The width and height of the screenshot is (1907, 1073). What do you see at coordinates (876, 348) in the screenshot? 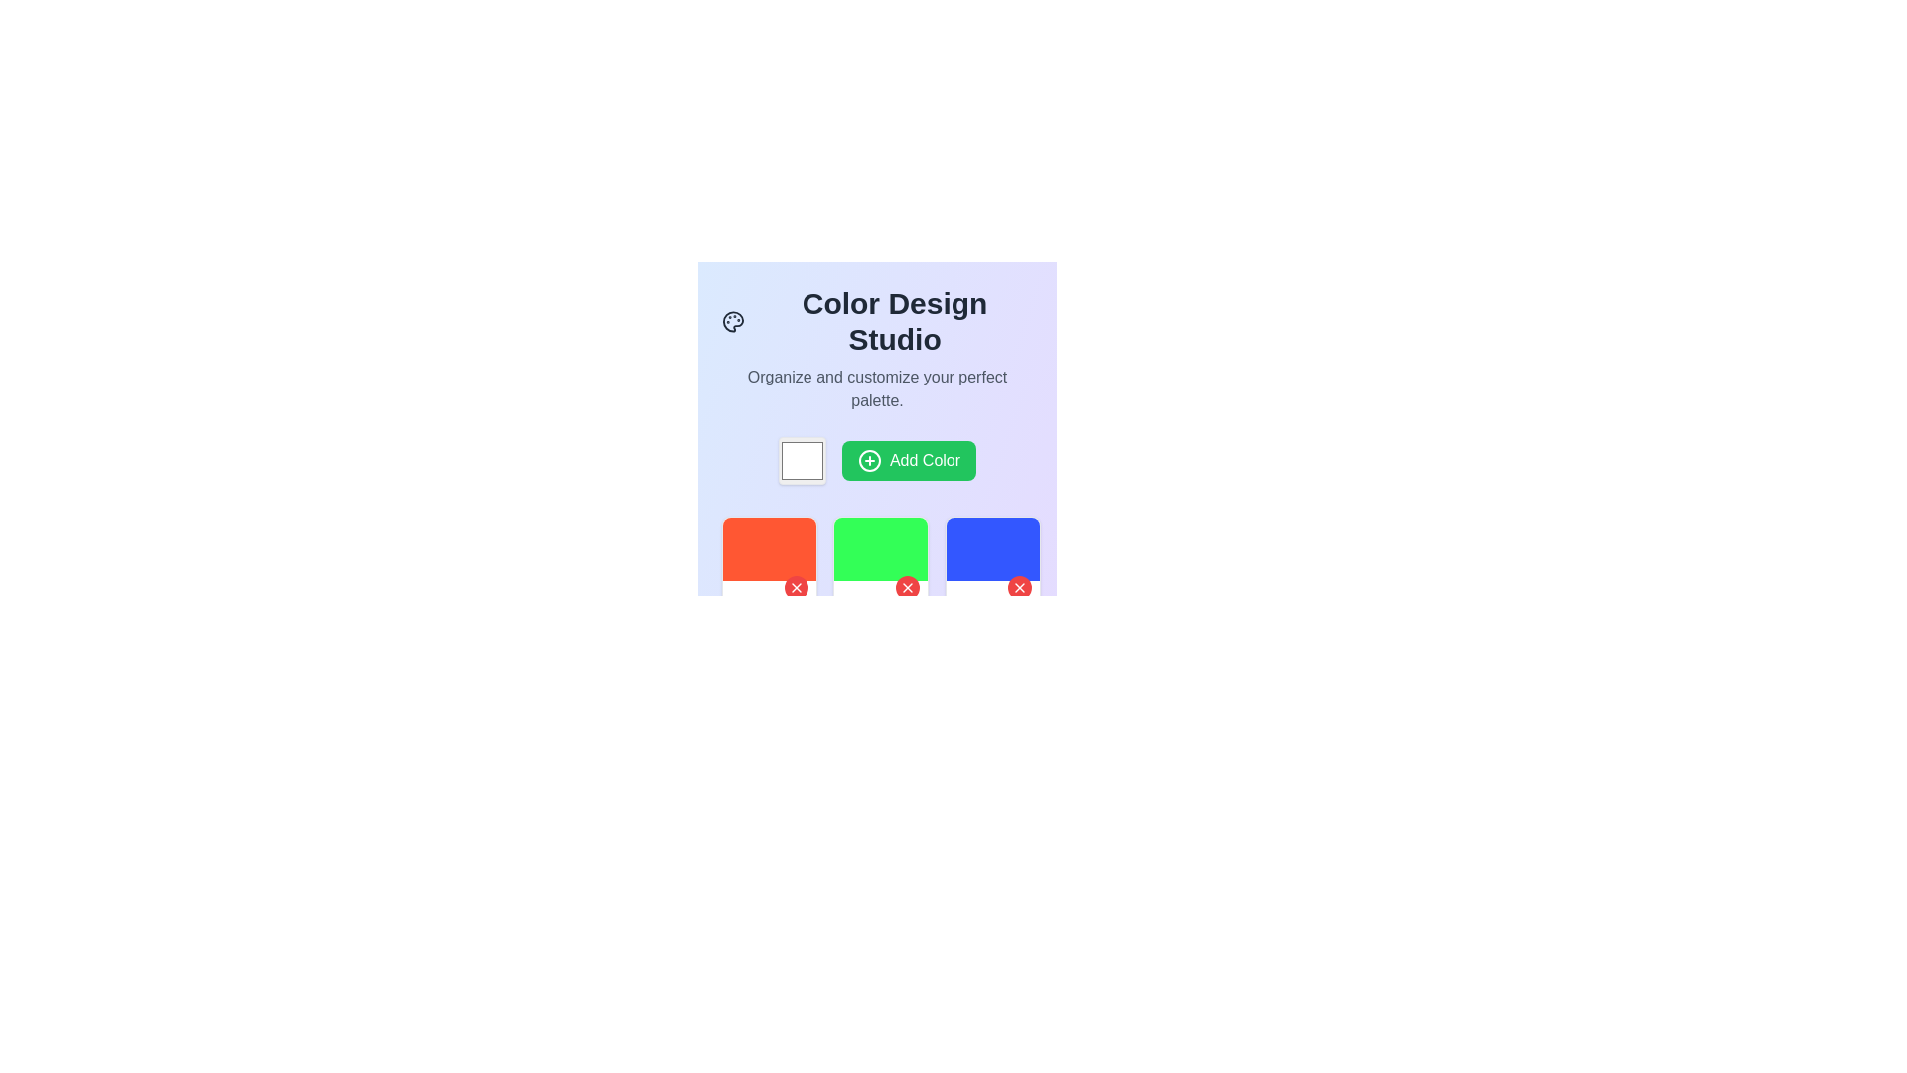
I see `text from the Header component titled 'Color Design Studio', which provides an overview of features related to color management` at bounding box center [876, 348].